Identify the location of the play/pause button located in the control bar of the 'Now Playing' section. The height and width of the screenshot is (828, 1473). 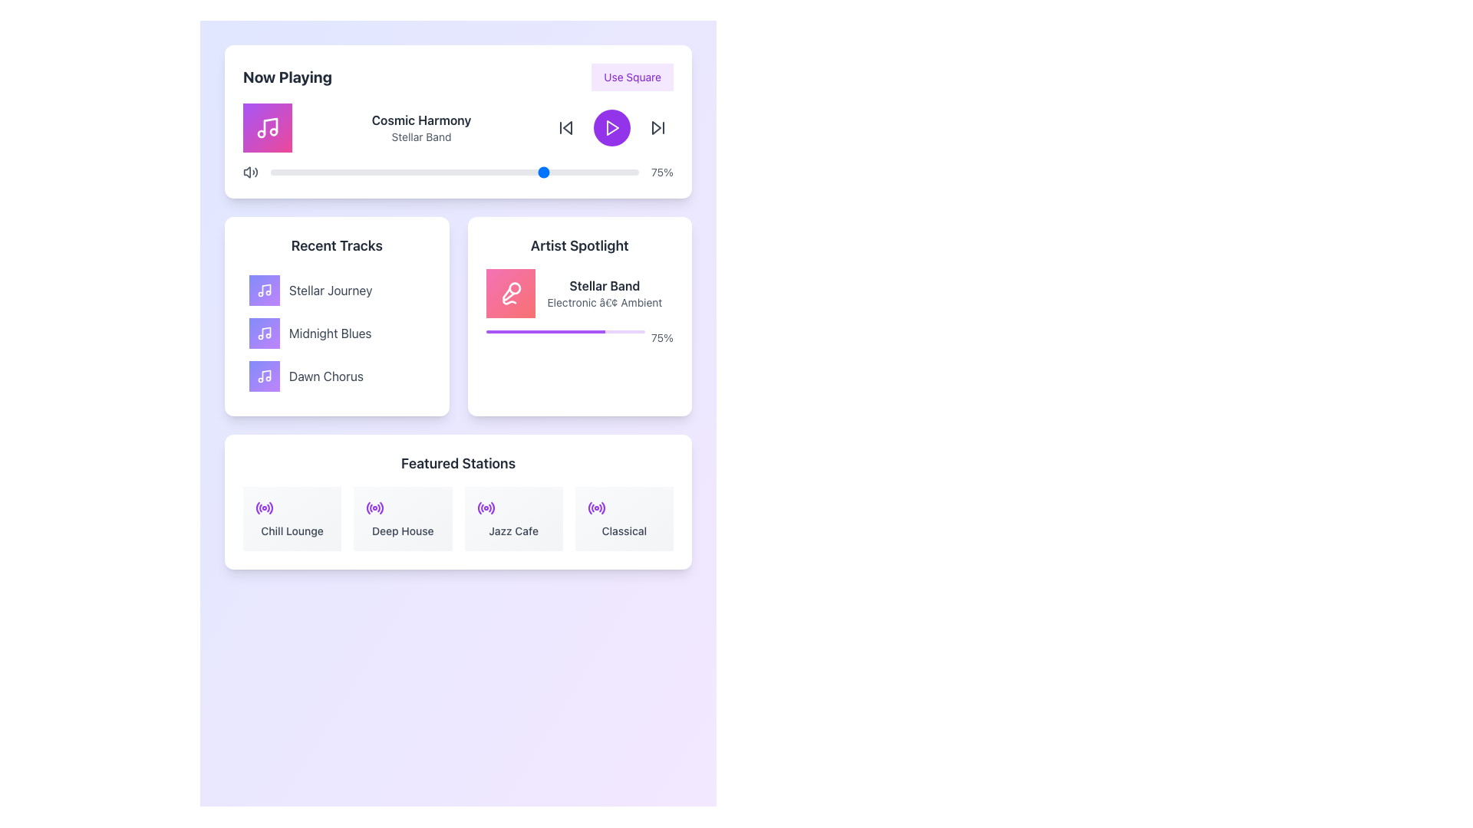
(611, 127).